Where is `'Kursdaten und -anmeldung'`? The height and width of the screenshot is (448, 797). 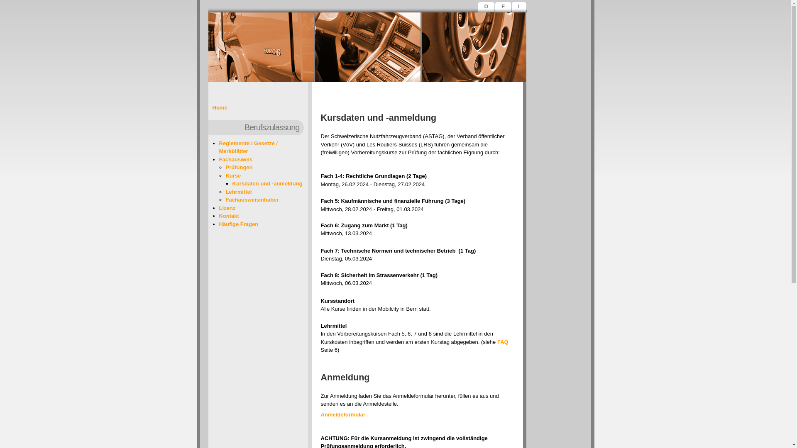 'Kursdaten und -anmeldung' is located at coordinates (267, 183).